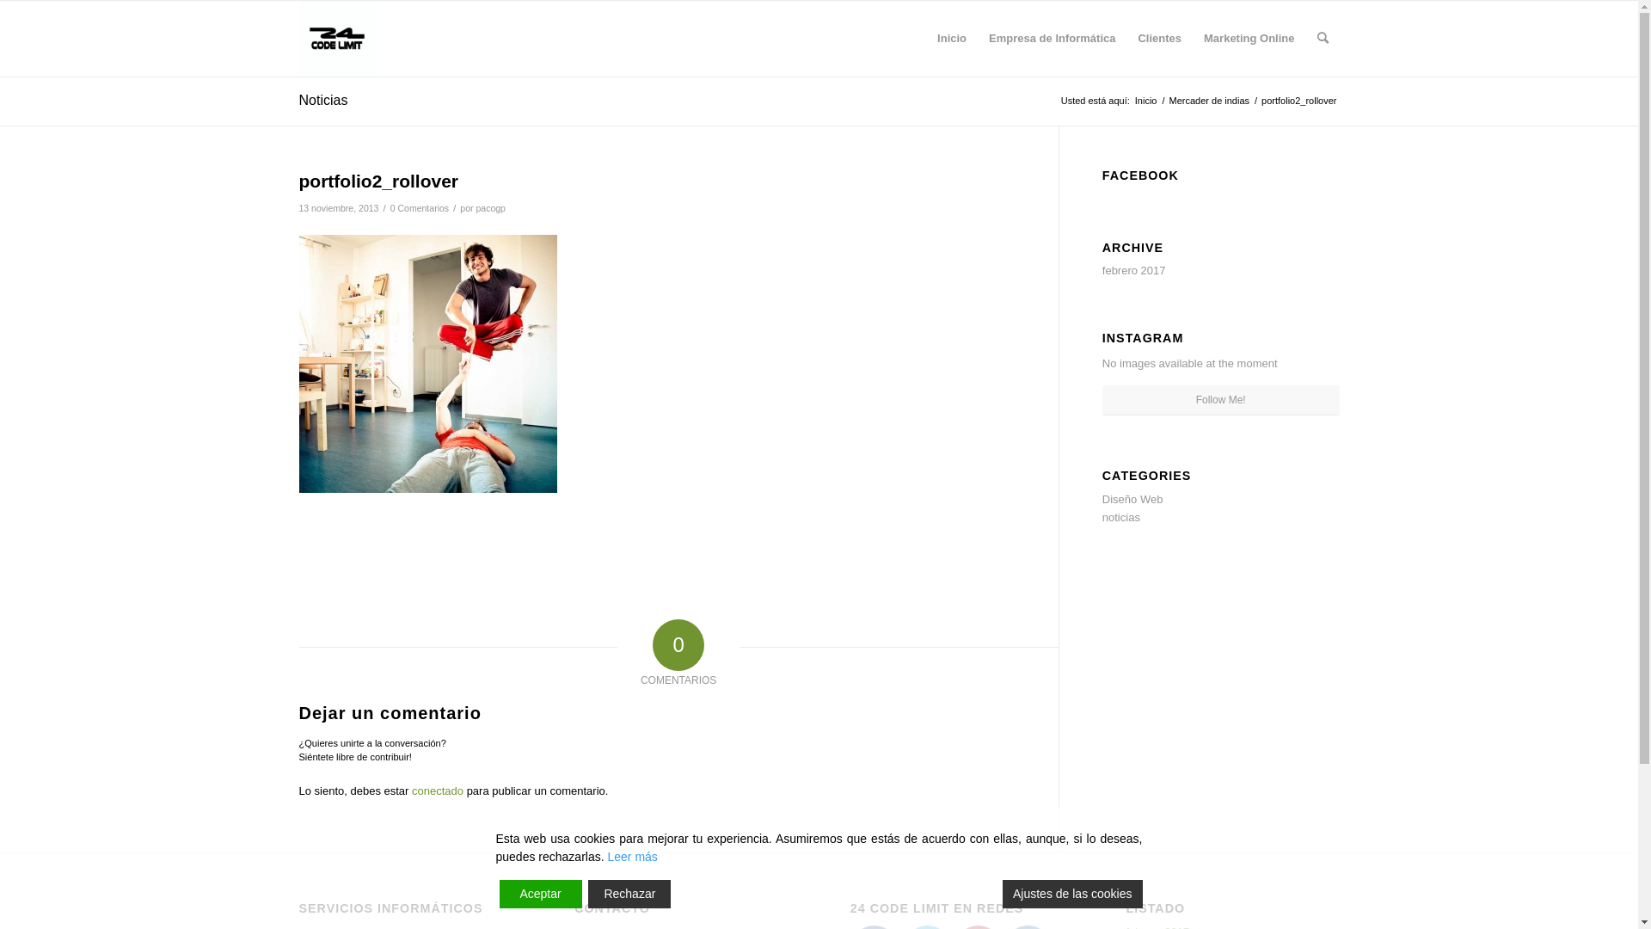  What do you see at coordinates (489, 207) in the screenshot?
I see `'pacogp'` at bounding box center [489, 207].